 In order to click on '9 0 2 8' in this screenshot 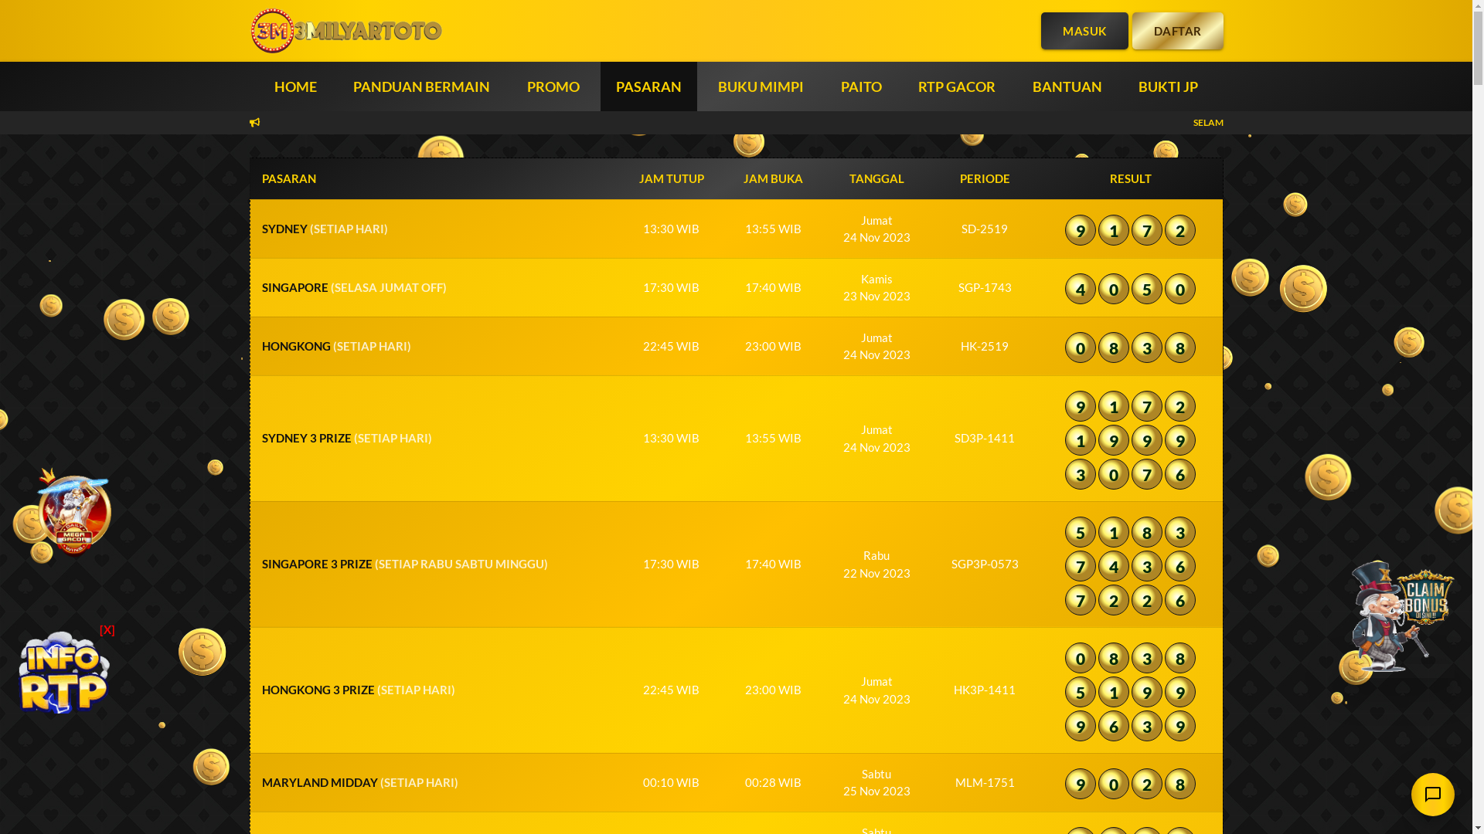, I will do `click(1130, 786)`.